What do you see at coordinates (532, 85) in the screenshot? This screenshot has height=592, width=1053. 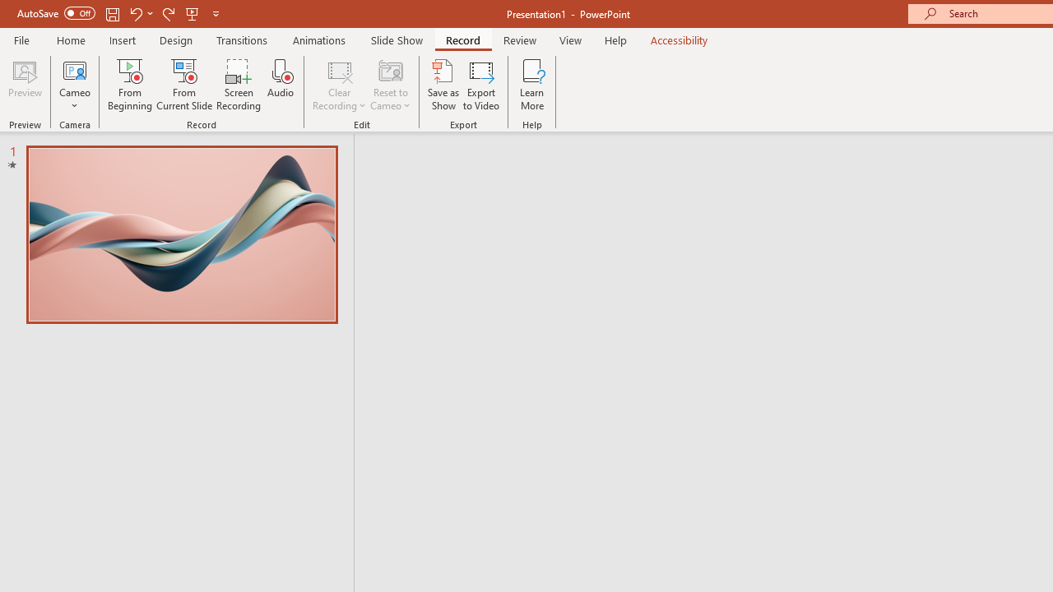 I see `'Learn More'` at bounding box center [532, 85].